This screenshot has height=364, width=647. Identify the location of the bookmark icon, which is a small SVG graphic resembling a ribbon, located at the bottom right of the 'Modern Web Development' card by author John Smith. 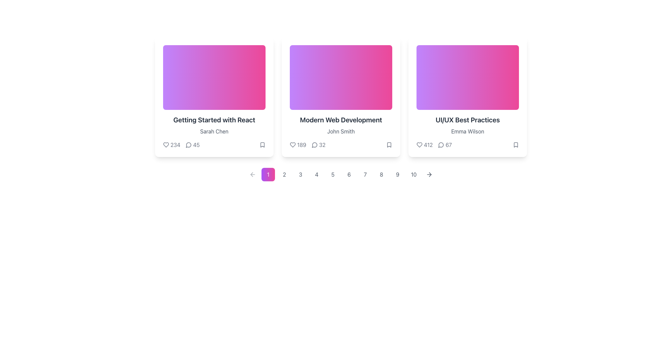
(389, 144).